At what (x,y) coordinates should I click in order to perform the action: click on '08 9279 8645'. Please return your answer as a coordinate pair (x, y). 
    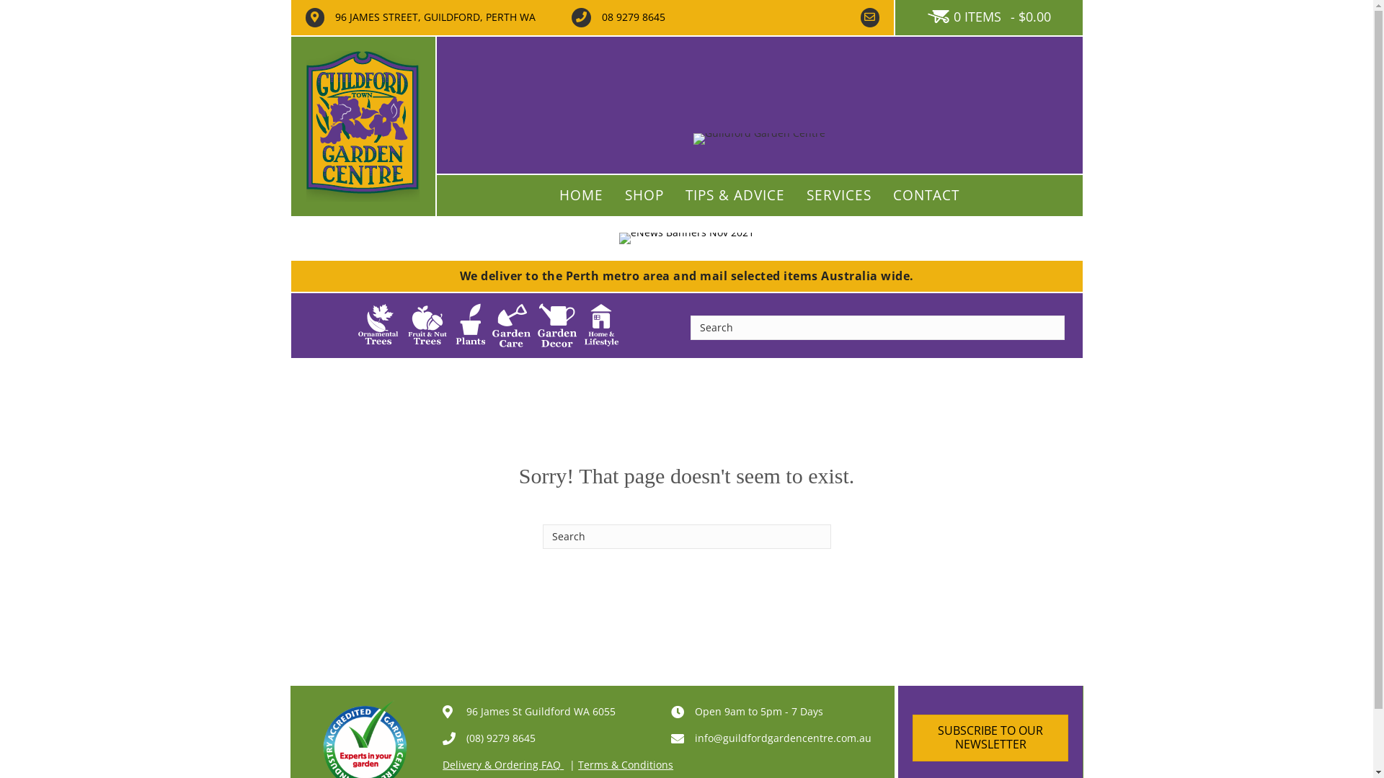
    Looking at the image, I should click on (633, 17).